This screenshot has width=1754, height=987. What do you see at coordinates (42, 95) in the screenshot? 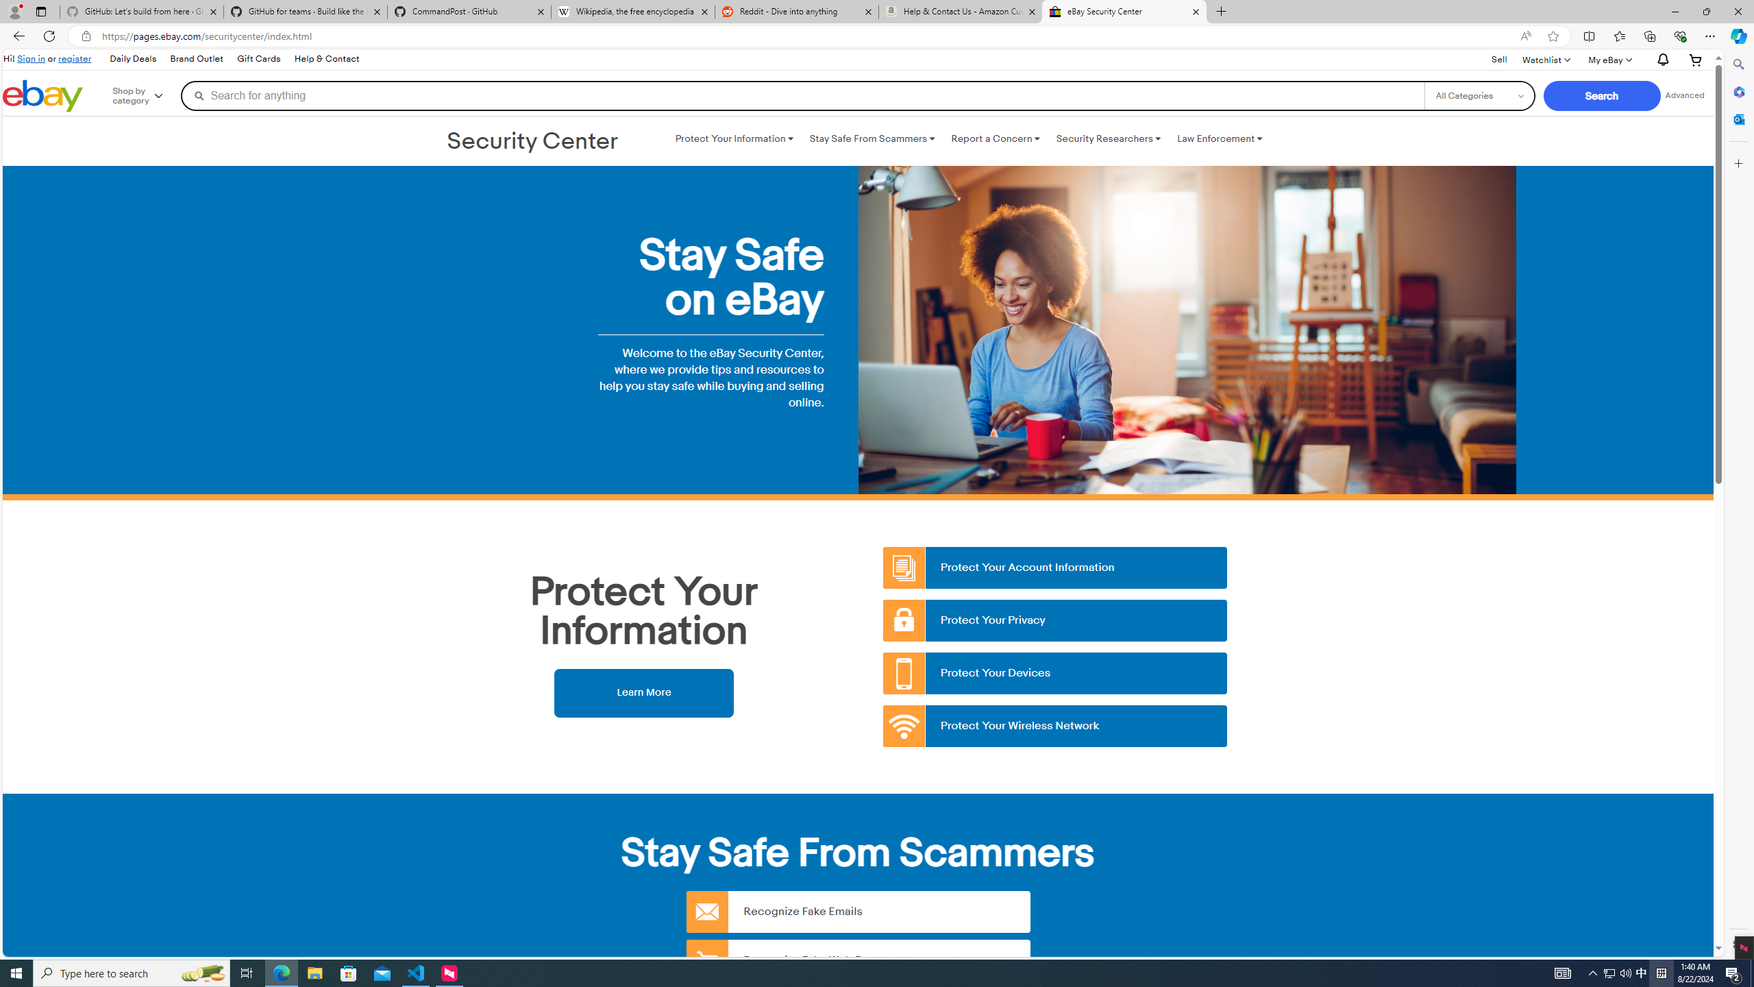
I see `'eBay Home'` at bounding box center [42, 95].